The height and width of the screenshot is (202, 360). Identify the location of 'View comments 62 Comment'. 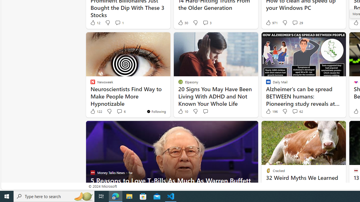
(294, 111).